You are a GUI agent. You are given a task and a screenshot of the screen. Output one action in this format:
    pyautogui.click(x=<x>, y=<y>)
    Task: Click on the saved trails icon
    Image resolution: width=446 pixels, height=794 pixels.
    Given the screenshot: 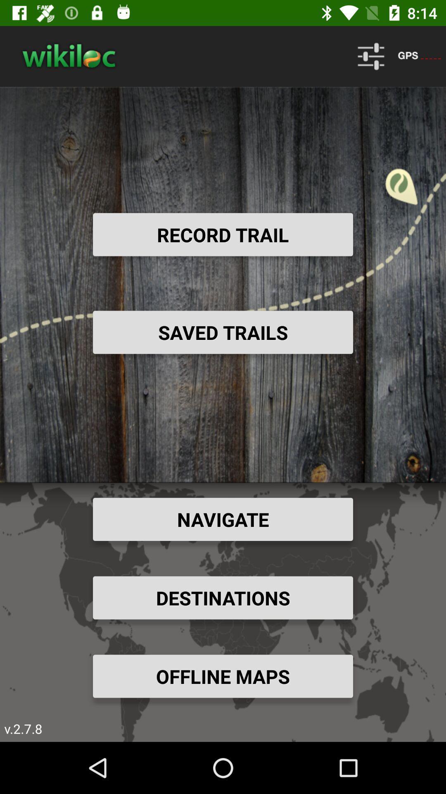 What is the action you would take?
    pyautogui.click(x=223, y=332)
    